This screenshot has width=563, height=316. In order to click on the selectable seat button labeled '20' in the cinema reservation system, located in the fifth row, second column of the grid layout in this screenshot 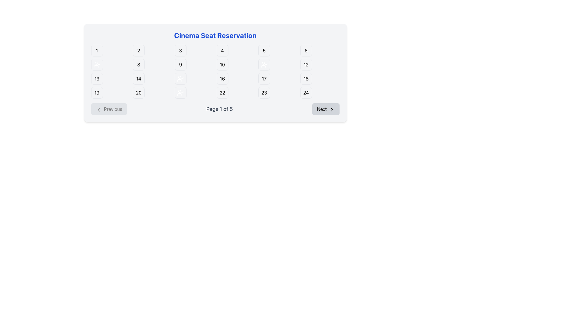, I will do `click(138, 92)`.